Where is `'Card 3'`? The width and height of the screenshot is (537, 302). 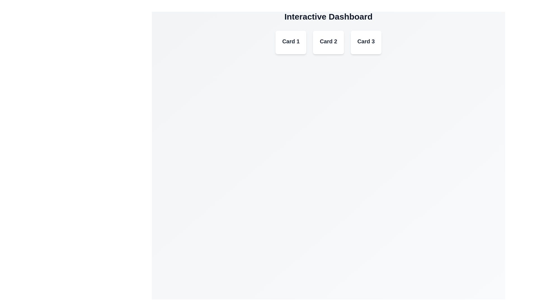
'Card 3' is located at coordinates (366, 42).